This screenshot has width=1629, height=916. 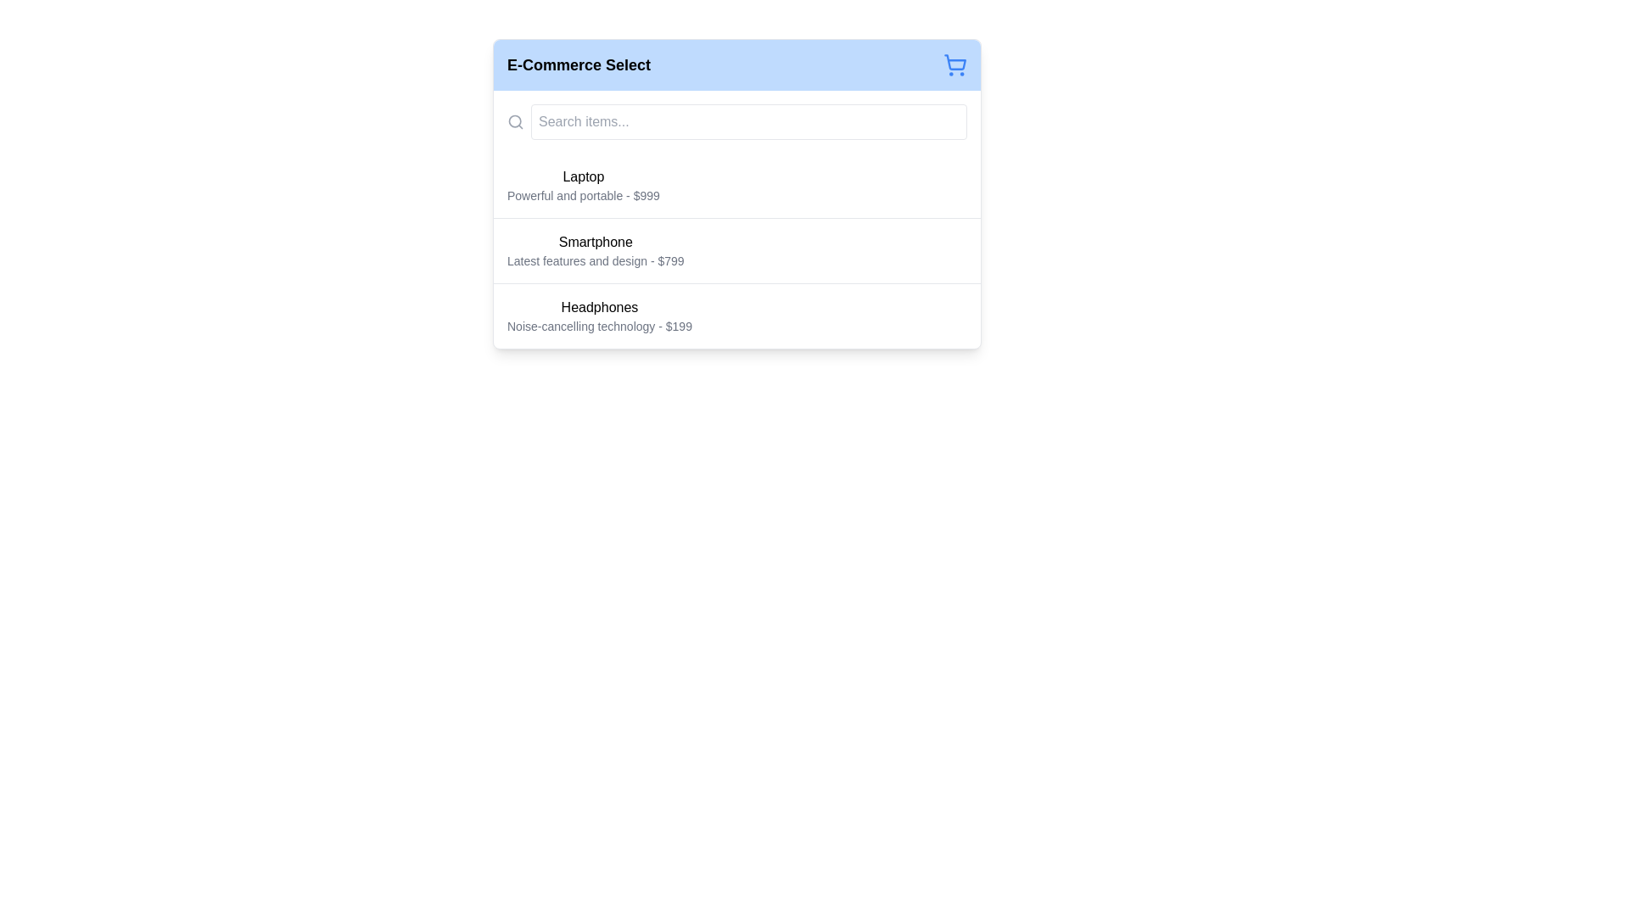 What do you see at coordinates (955, 61) in the screenshot?
I see `the shopping cart icon's main basket outline located at the upper right corner of the interface` at bounding box center [955, 61].